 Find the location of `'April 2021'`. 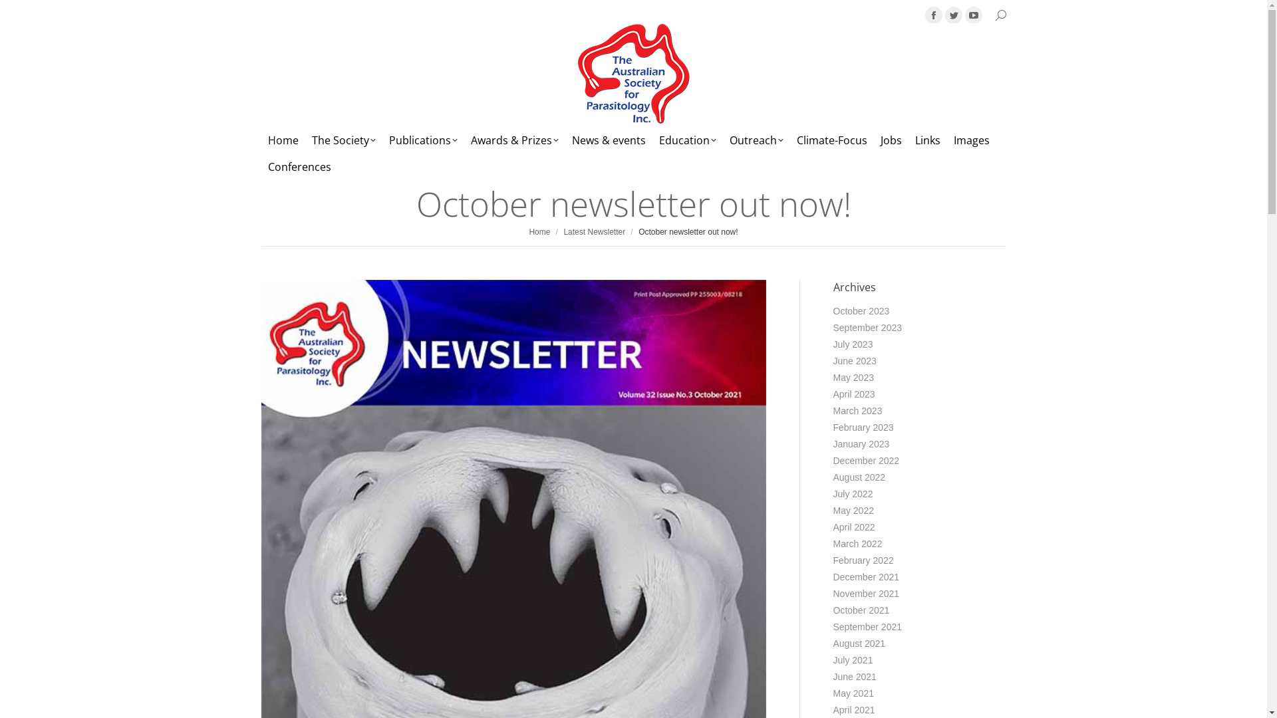

'April 2021' is located at coordinates (853, 709).